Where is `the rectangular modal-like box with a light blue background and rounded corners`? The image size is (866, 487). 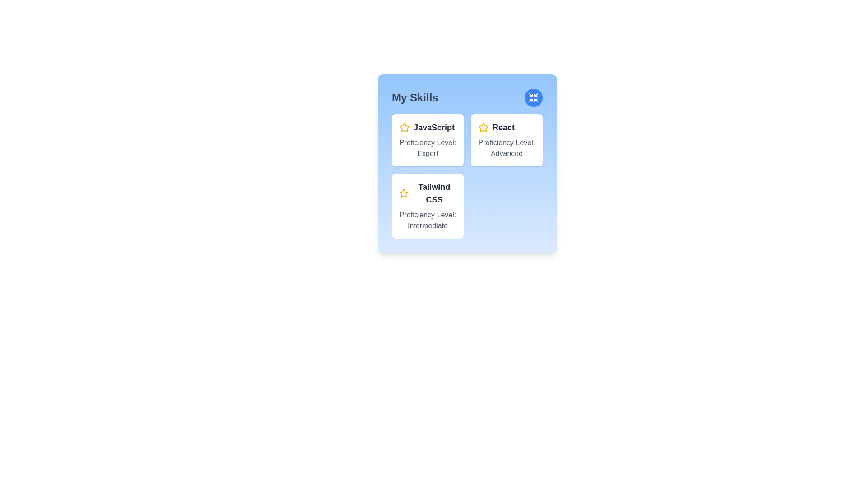
the rectangular modal-like box with a light blue background and rounded corners is located at coordinates (467, 163).